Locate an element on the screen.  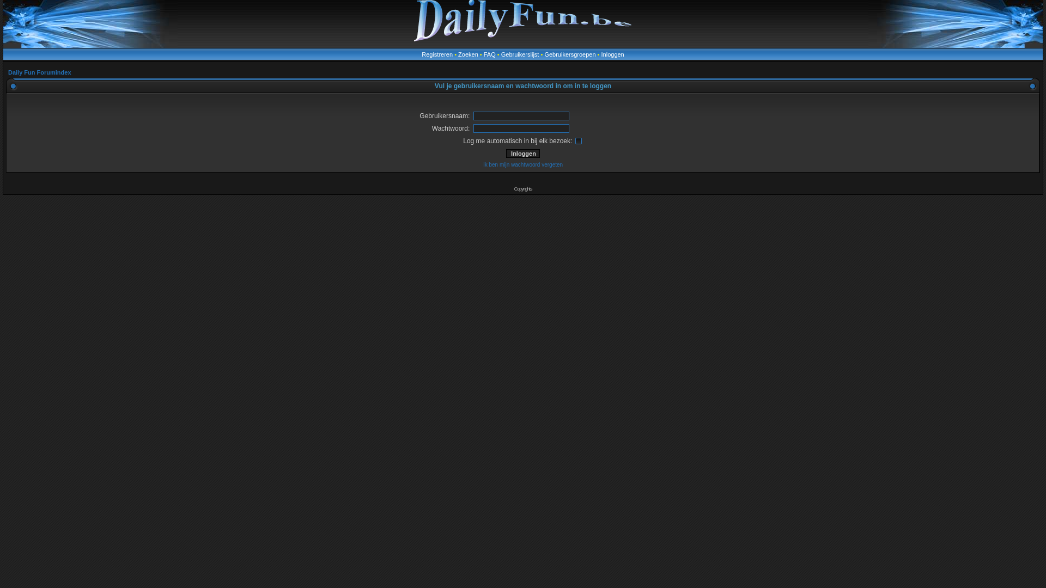
'Zoeken' is located at coordinates (468, 54).